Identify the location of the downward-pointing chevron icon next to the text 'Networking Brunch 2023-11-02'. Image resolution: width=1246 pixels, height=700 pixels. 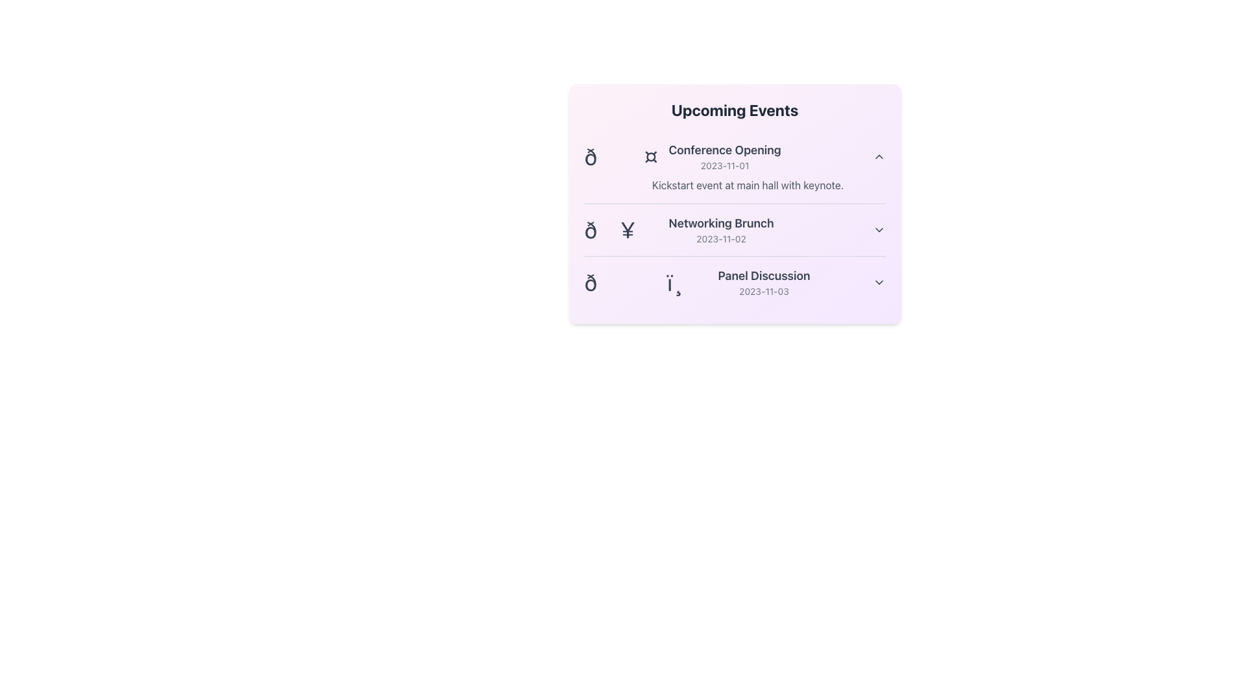
(879, 229).